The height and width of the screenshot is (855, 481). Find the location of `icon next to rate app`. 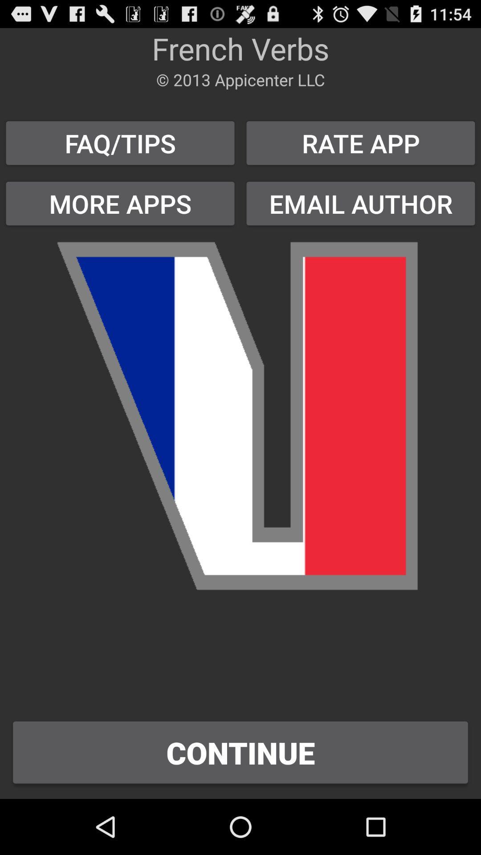

icon next to rate app is located at coordinates (120, 143).